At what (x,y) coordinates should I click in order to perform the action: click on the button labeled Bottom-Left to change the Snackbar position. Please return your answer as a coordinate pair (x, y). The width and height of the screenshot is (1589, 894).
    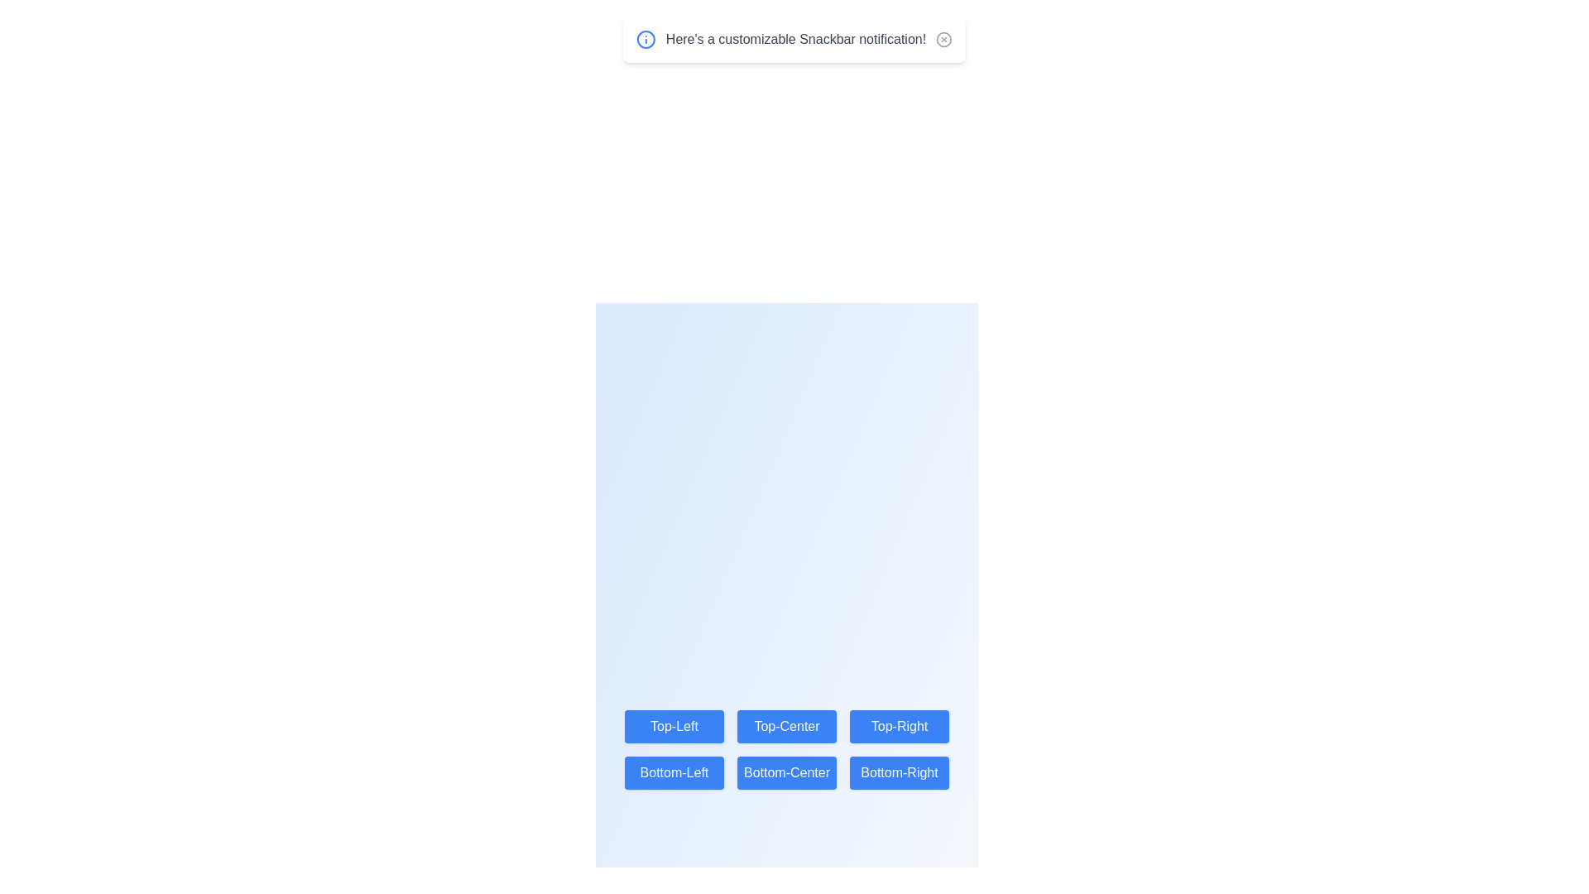
    Looking at the image, I should click on (674, 772).